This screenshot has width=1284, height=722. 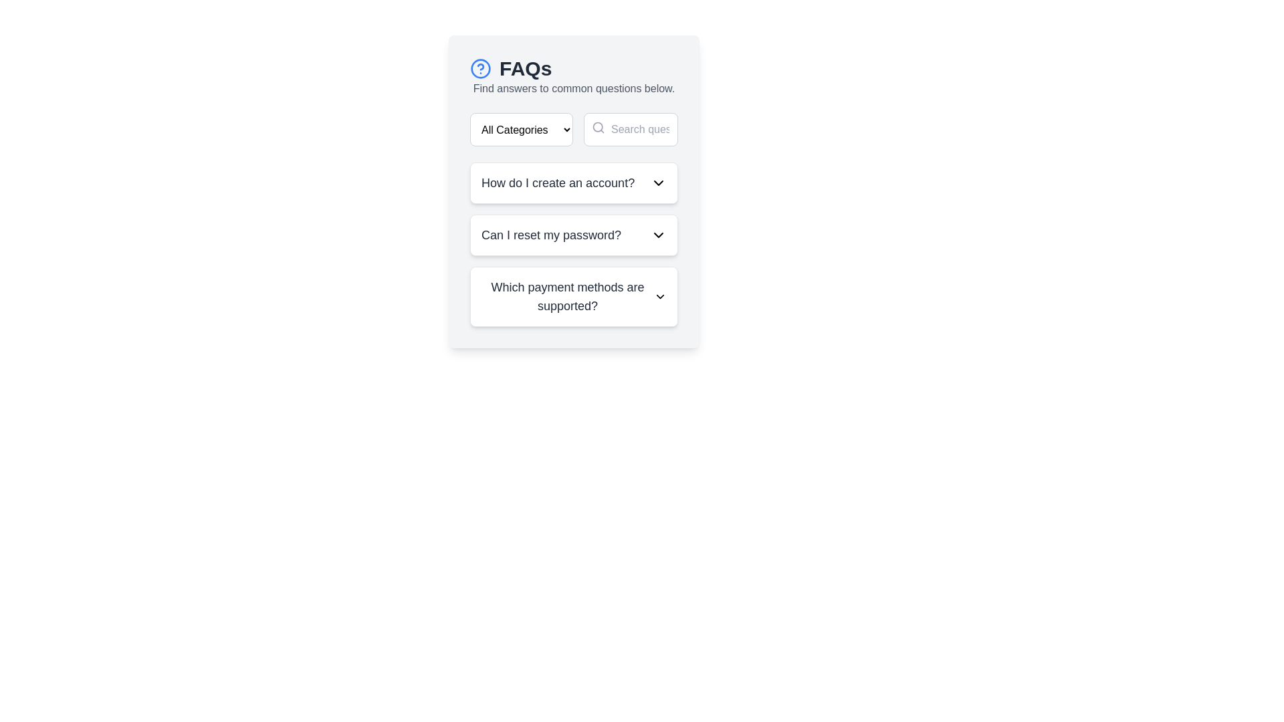 I want to click on the icon located to the far right of the question text 'Which payment methods are supported?', so click(x=660, y=295).